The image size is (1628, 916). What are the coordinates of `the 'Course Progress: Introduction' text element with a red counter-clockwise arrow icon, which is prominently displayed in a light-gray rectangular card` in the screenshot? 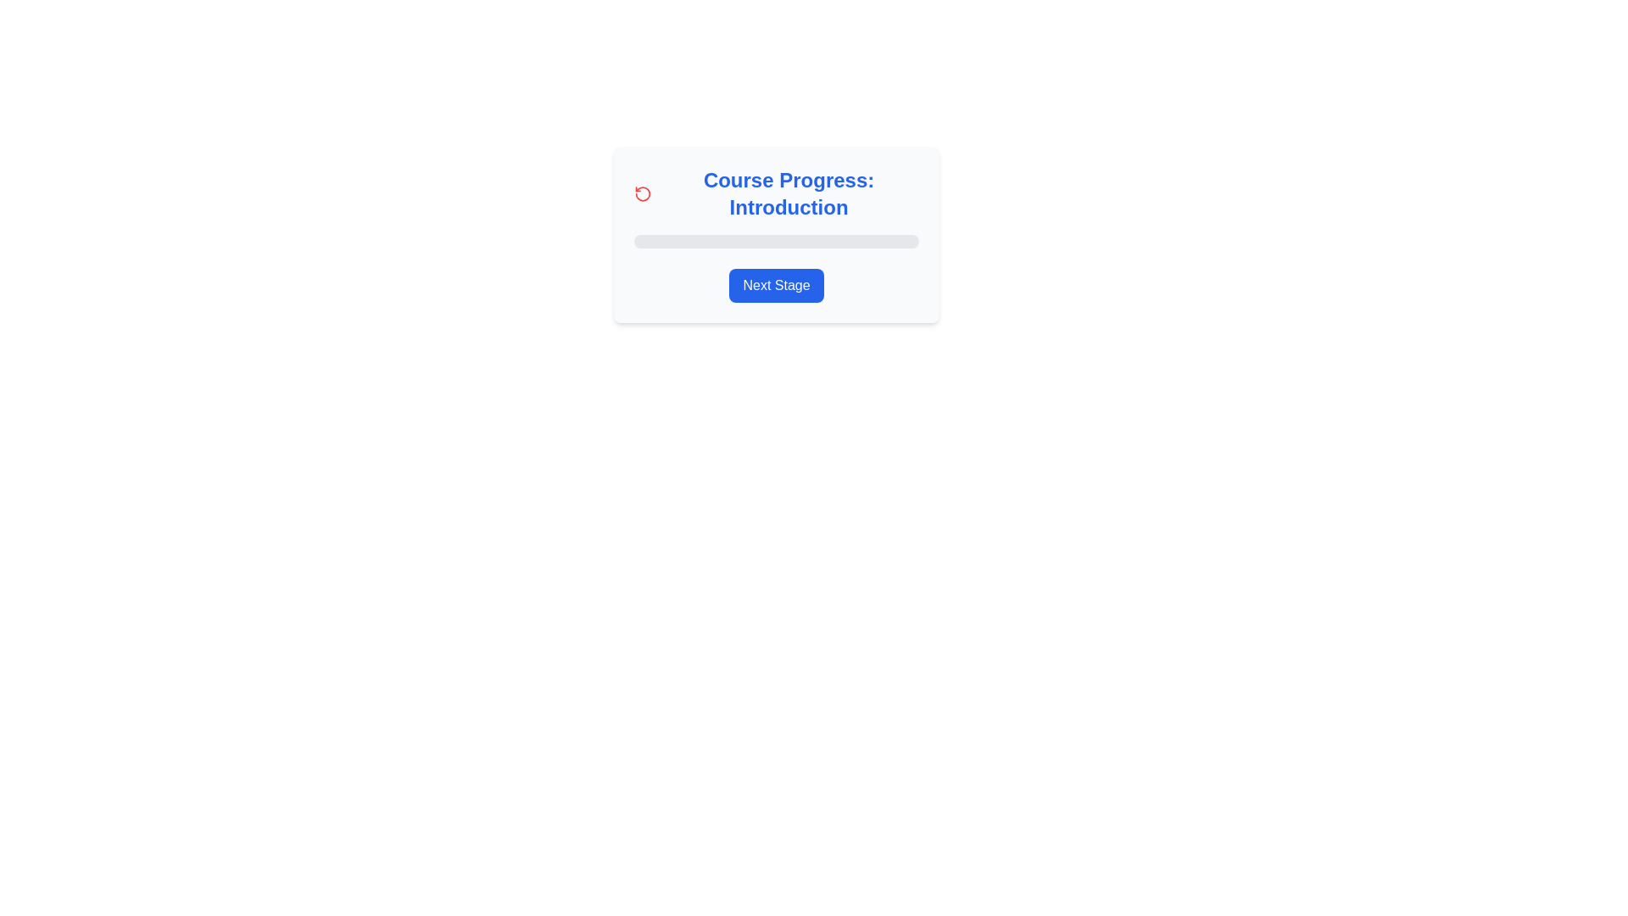 It's located at (776, 193).